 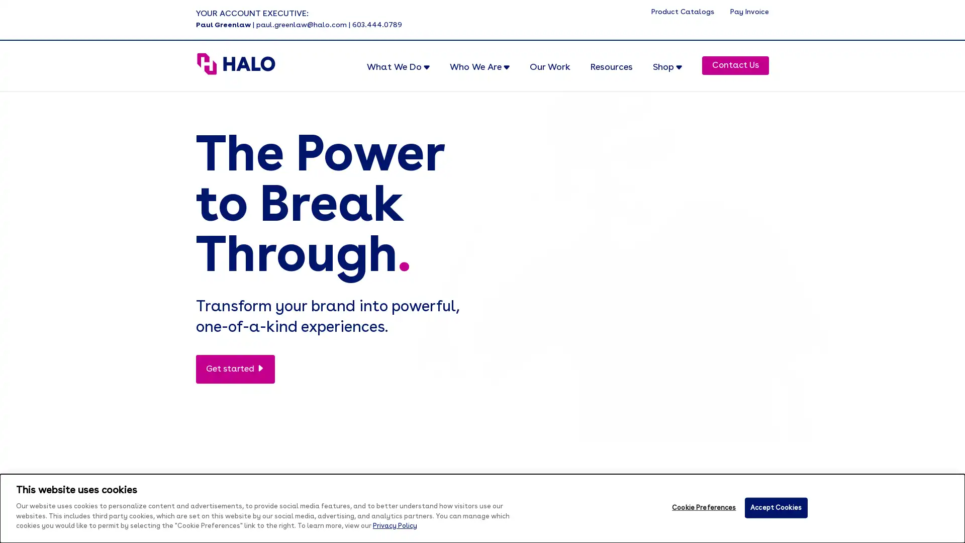 What do you see at coordinates (549, 74) in the screenshot?
I see `Our Work` at bounding box center [549, 74].